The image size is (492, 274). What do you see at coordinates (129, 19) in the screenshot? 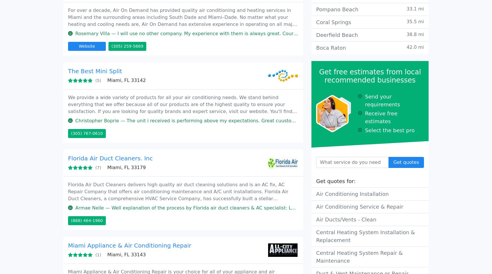
I see `'Miami, FL 33168'` at bounding box center [129, 19].